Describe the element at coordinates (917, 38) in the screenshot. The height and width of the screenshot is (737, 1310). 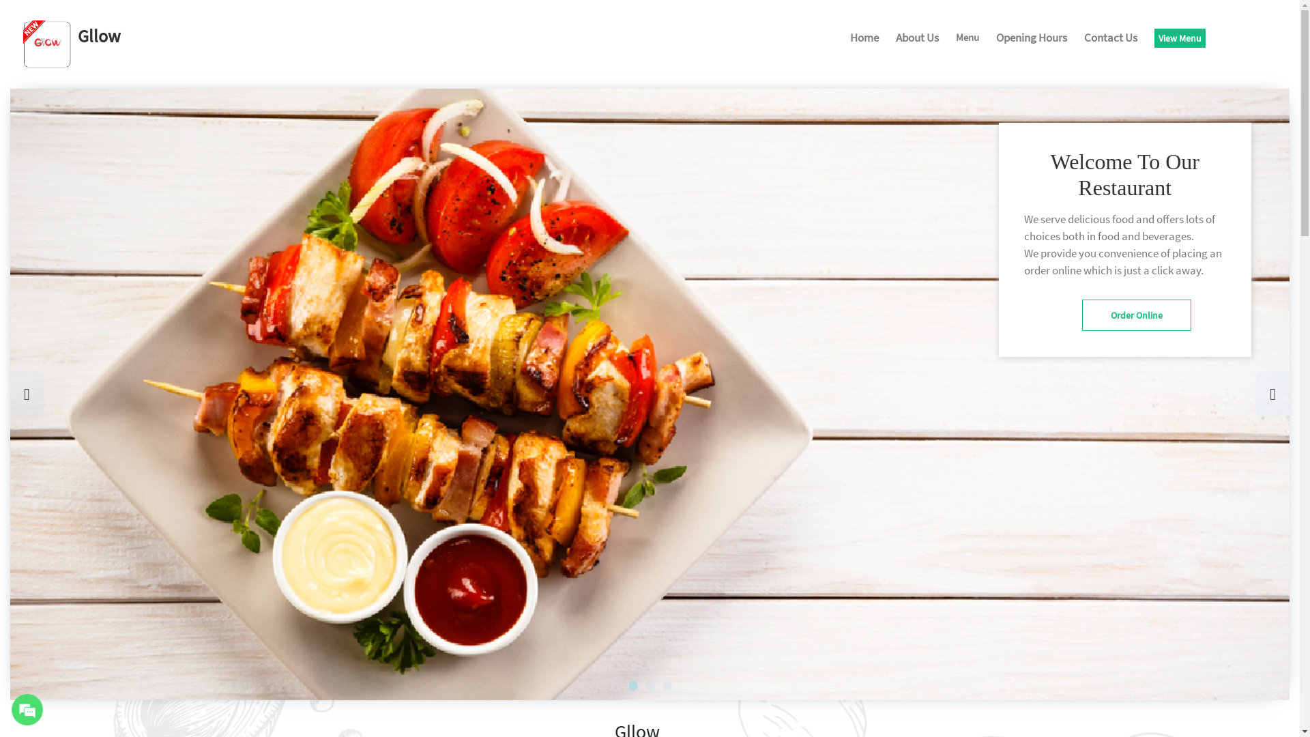
I see `'About Us'` at that location.